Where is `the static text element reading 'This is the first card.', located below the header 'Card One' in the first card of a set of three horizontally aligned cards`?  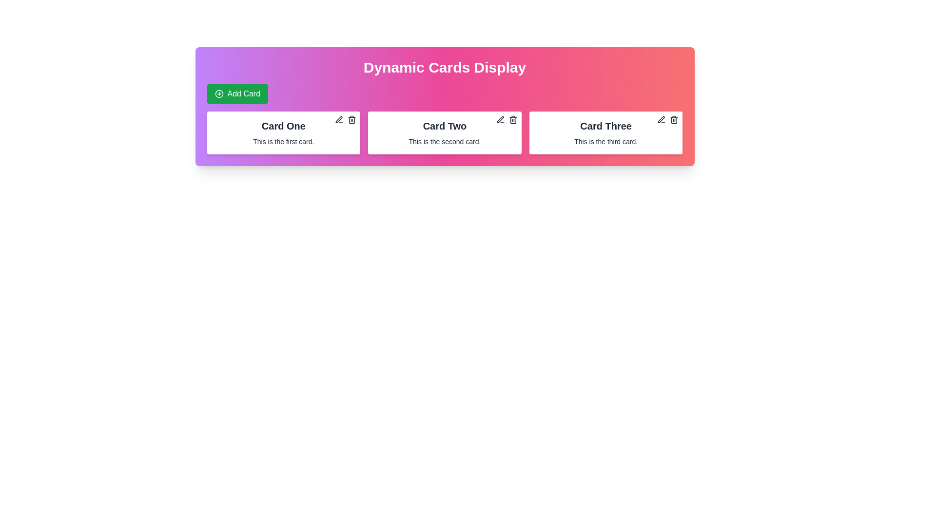
the static text element reading 'This is the first card.', located below the header 'Card One' in the first card of a set of three horizontally aligned cards is located at coordinates (283, 141).